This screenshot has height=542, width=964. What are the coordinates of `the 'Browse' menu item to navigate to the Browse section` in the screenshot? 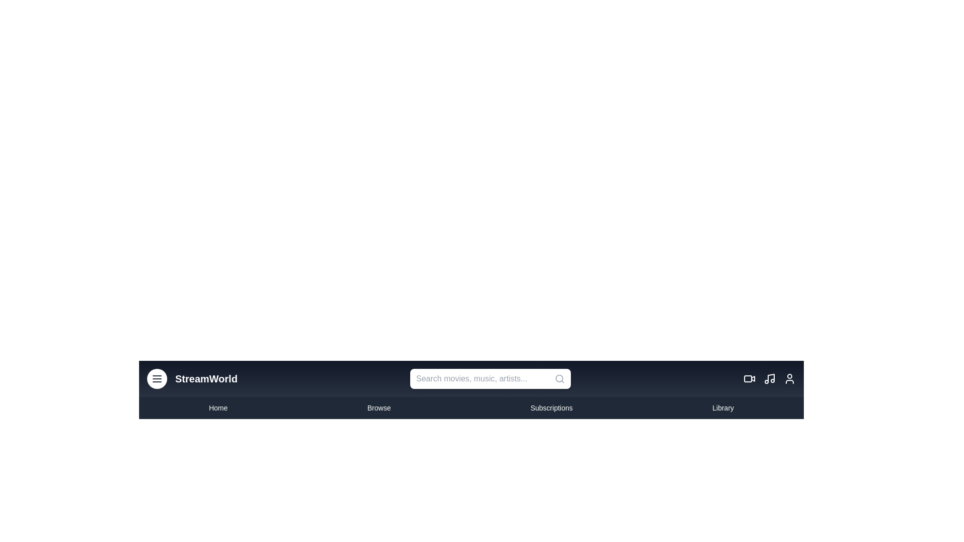 It's located at (378, 408).